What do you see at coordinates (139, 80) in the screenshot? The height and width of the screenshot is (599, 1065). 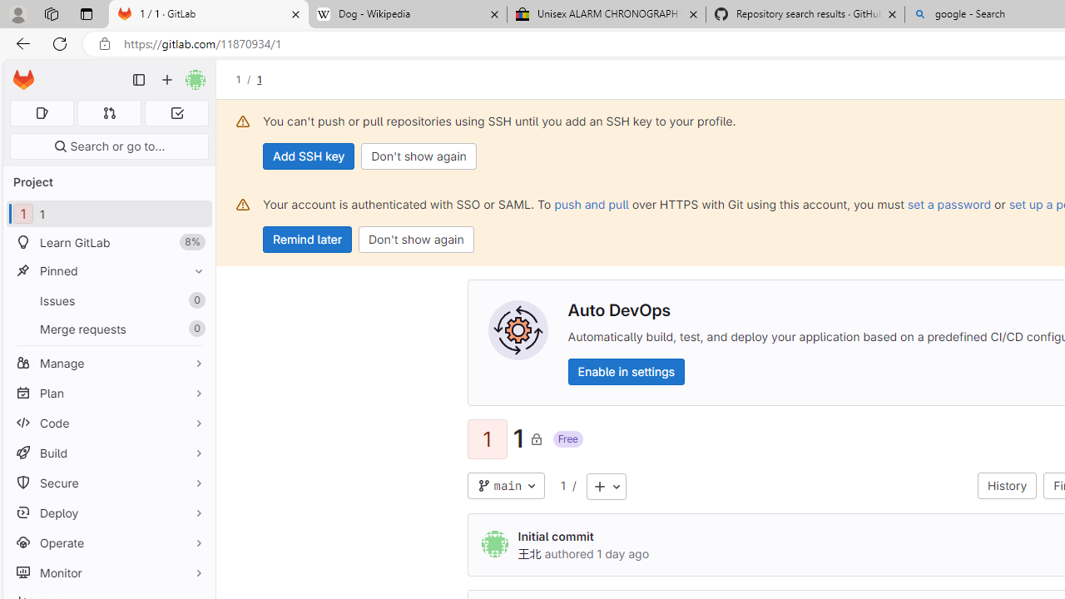 I see `'Primary navigation sidebar'` at bounding box center [139, 80].